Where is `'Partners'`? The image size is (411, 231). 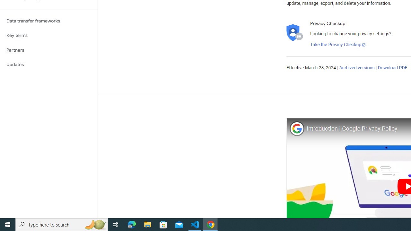 'Partners' is located at coordinates (48, 50).